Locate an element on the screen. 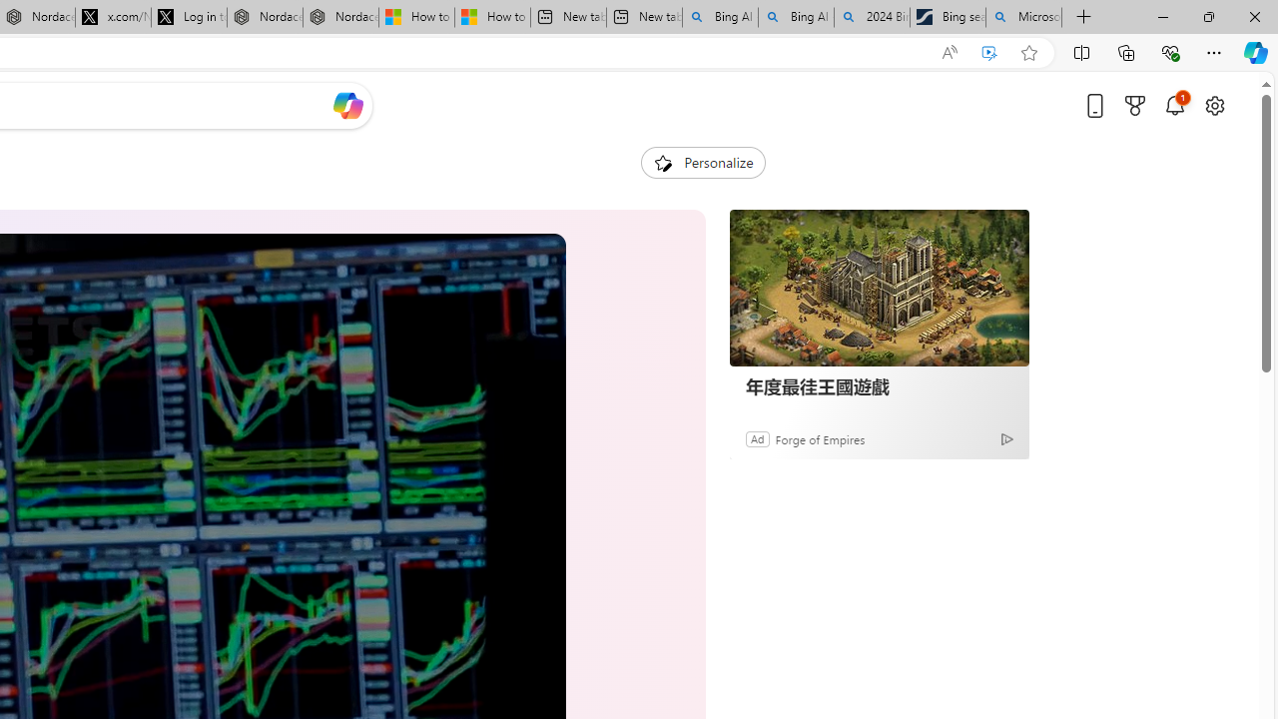 This screenshot has width=1278, height=719. 'Close' is located at coordinates (1253, 16).